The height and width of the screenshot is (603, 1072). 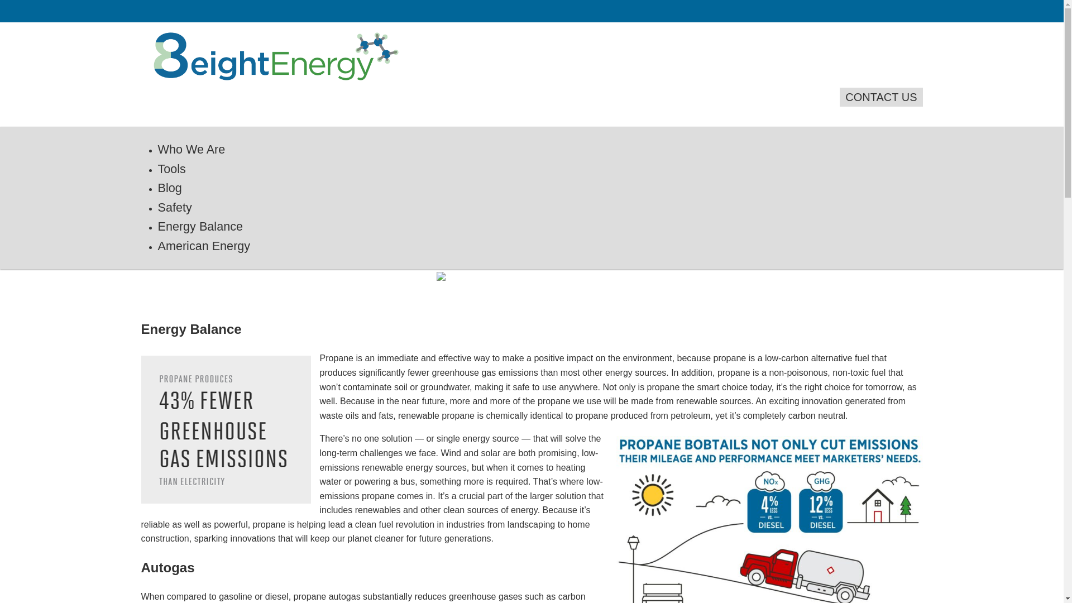 What do you see at coordinates (200, 226) in the screenshot?
I see `'Energy Balance'` at bounding box center [200, 226].